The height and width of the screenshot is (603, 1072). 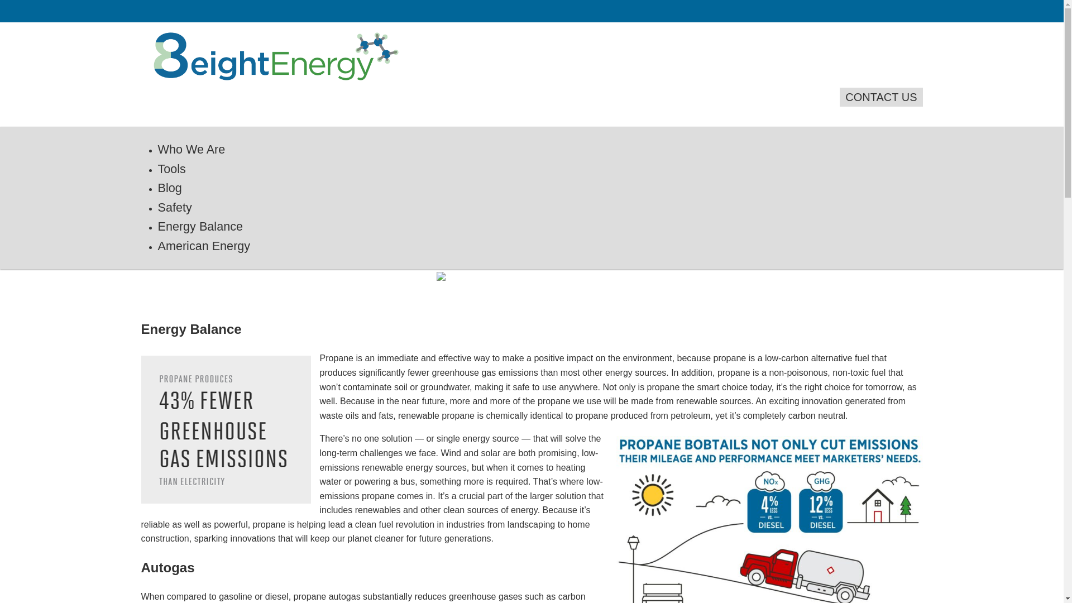 What do you see at coordinates (200, 226) in the screenshot?
I see `'Energy Balance'` at bounding box center [200, 226].